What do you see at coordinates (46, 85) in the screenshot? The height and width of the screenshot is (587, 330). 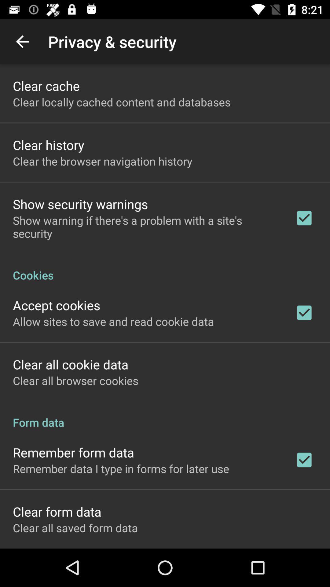 I see `clear cache app` at bounding box center [46, 85].